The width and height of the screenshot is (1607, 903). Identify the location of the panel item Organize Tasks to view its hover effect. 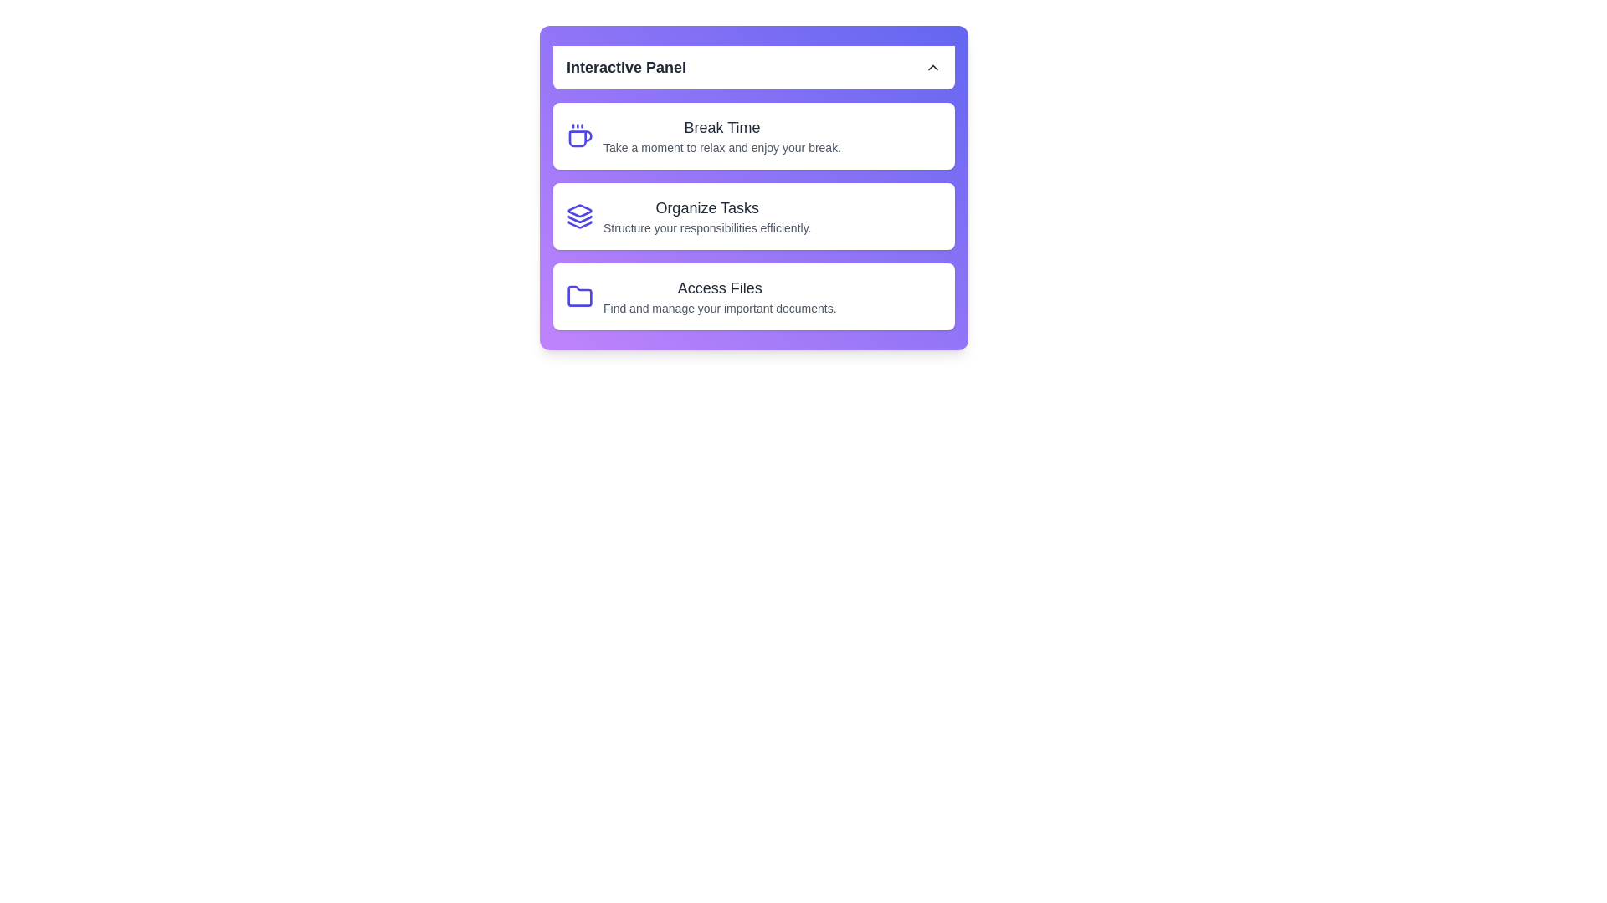
(753, 215).